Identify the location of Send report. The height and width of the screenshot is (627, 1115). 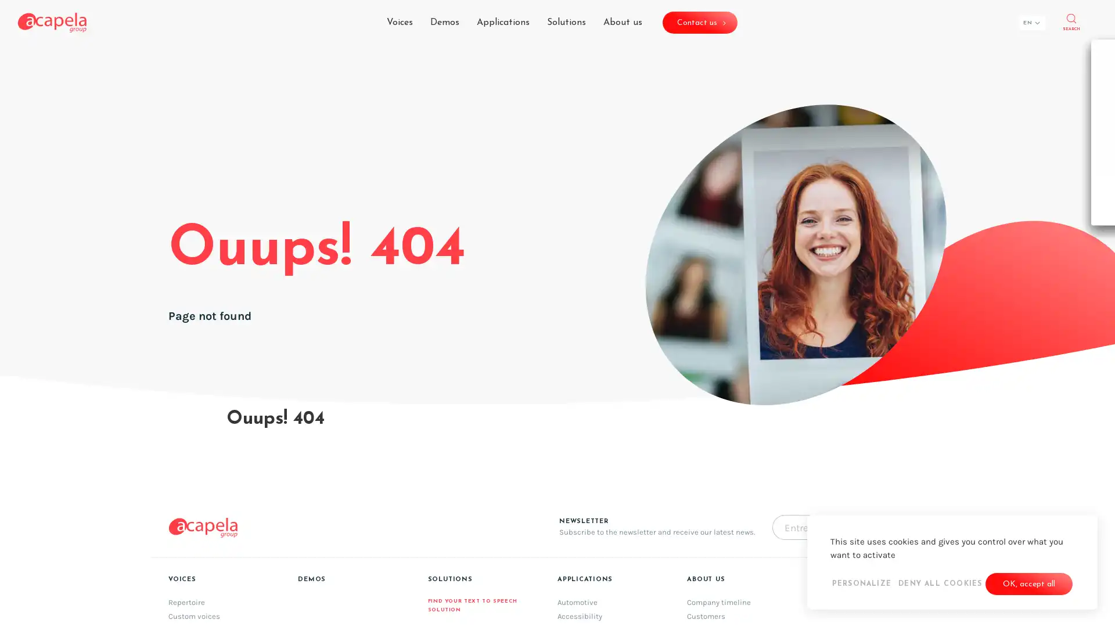
(699, 441).